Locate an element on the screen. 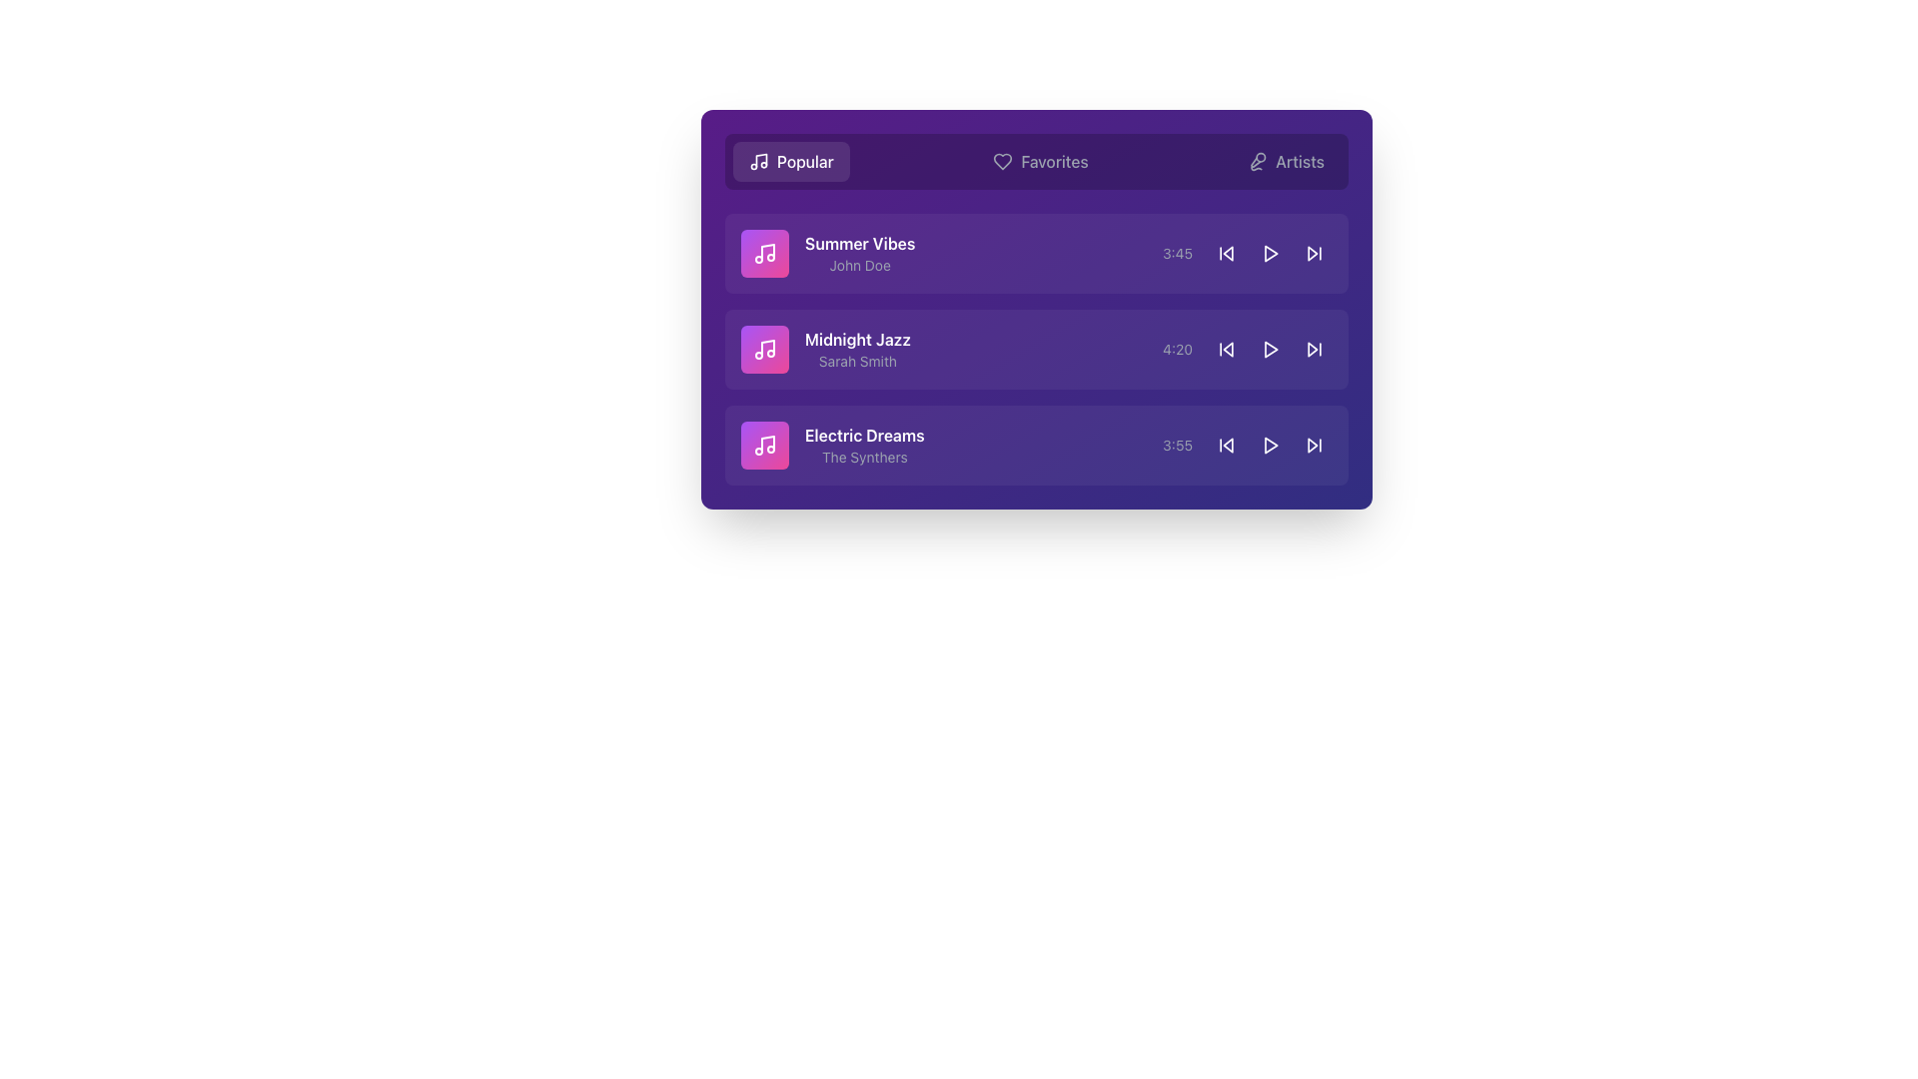 This screenshot has height=1079, width=1918. the Icon Button used to skip to the next media item in the playlist is located at coordinates (1314, 253).